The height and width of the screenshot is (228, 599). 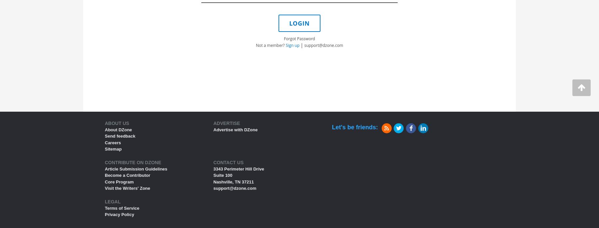 What do you see at coordinates (233, 181) in the screenshot?
I see `'Nashville, TN 37211'` at bounding box center [233, 181].